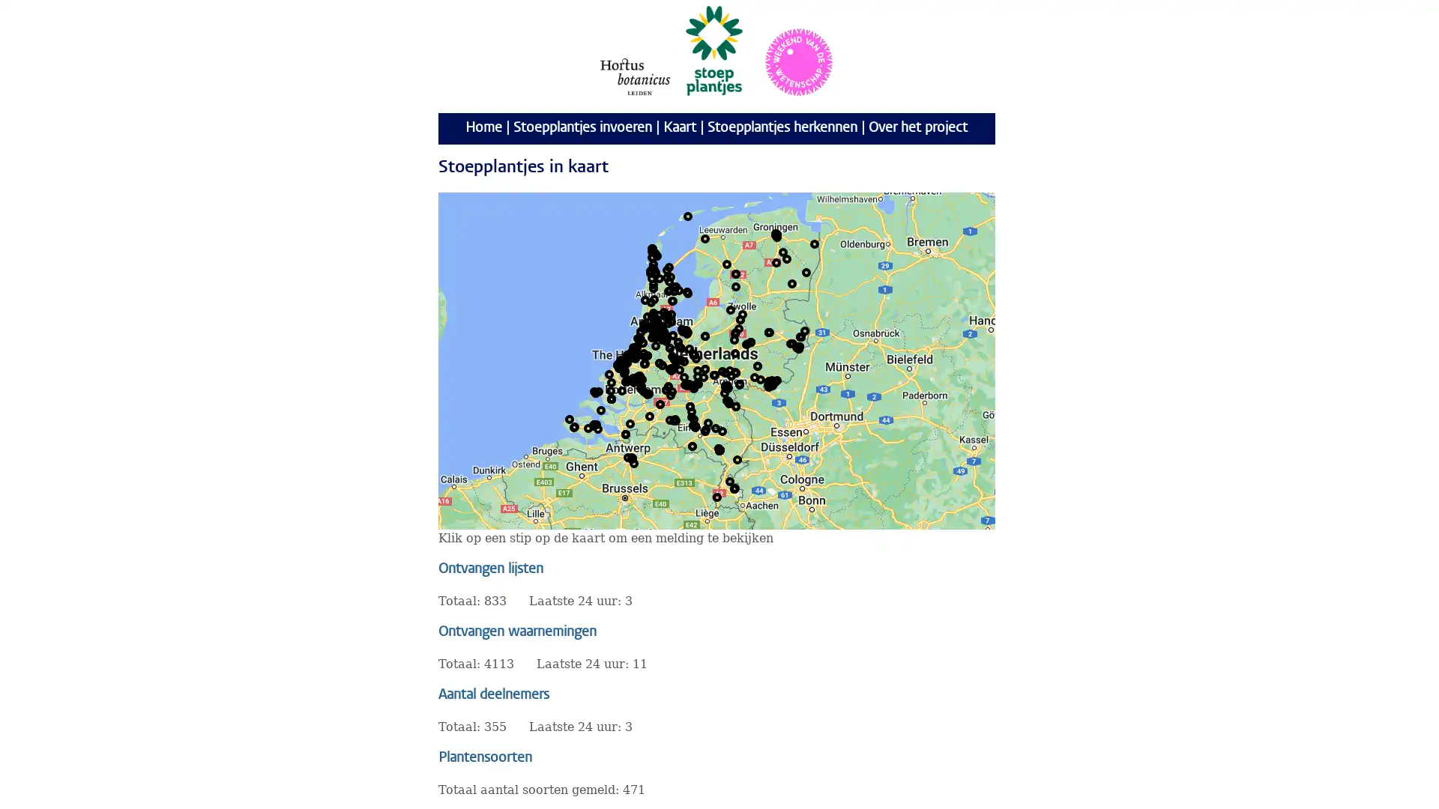 This screenshot has width=1439, height=809. I want to click on Telling van Thalents Leiden op 14 april 2022, so click(634, 354).